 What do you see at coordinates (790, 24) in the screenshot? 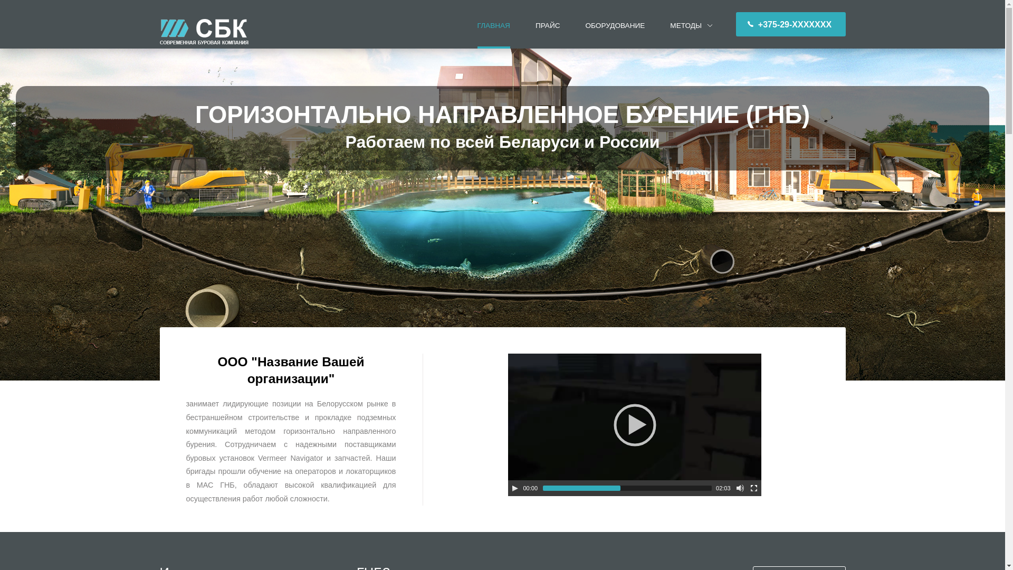
I see `'  +375-29-XXXXXXX '` at bounding box center [790, 24].